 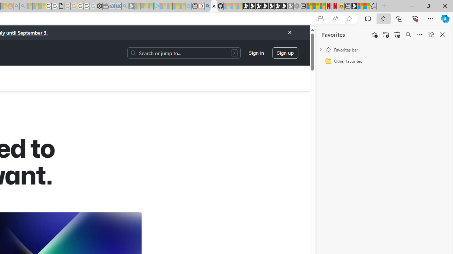 What do you see at coordinates (320, 18) in the screenshot?
I see `'App available. Install GitHub'` at bounding box center [320, 18].